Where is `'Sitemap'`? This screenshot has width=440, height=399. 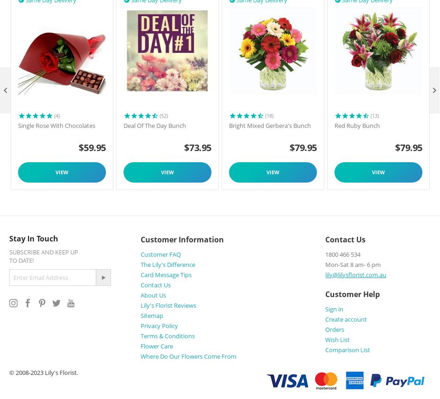
'Sitemap' is located at coordinates (151, 315).